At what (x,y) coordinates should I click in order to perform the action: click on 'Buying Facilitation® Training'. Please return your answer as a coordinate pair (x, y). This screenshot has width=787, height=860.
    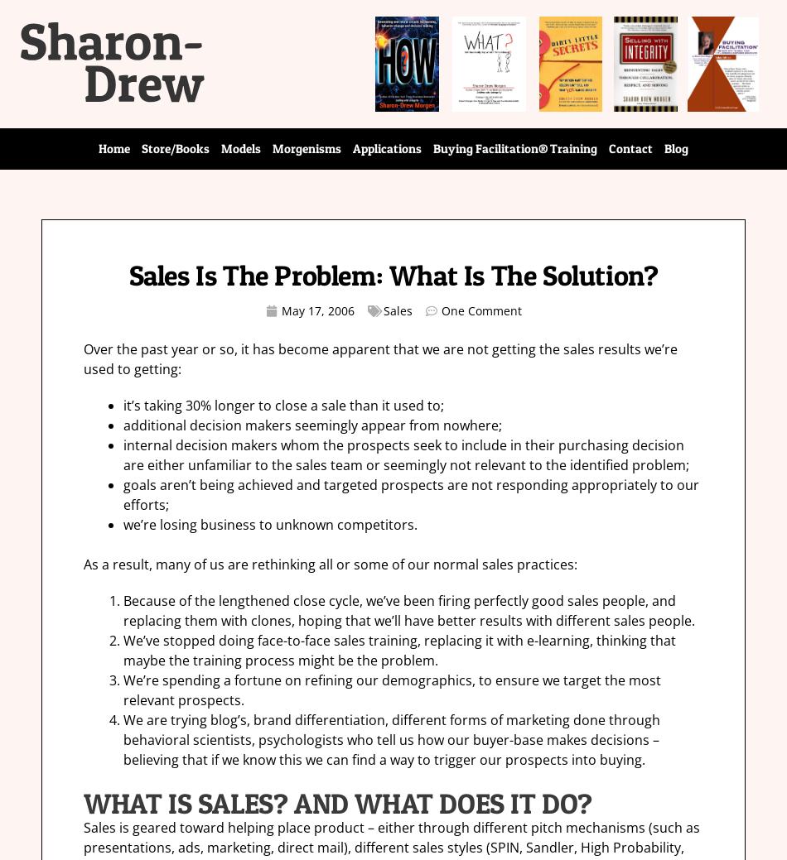
    Looking at the image, I should click on (514, 148).